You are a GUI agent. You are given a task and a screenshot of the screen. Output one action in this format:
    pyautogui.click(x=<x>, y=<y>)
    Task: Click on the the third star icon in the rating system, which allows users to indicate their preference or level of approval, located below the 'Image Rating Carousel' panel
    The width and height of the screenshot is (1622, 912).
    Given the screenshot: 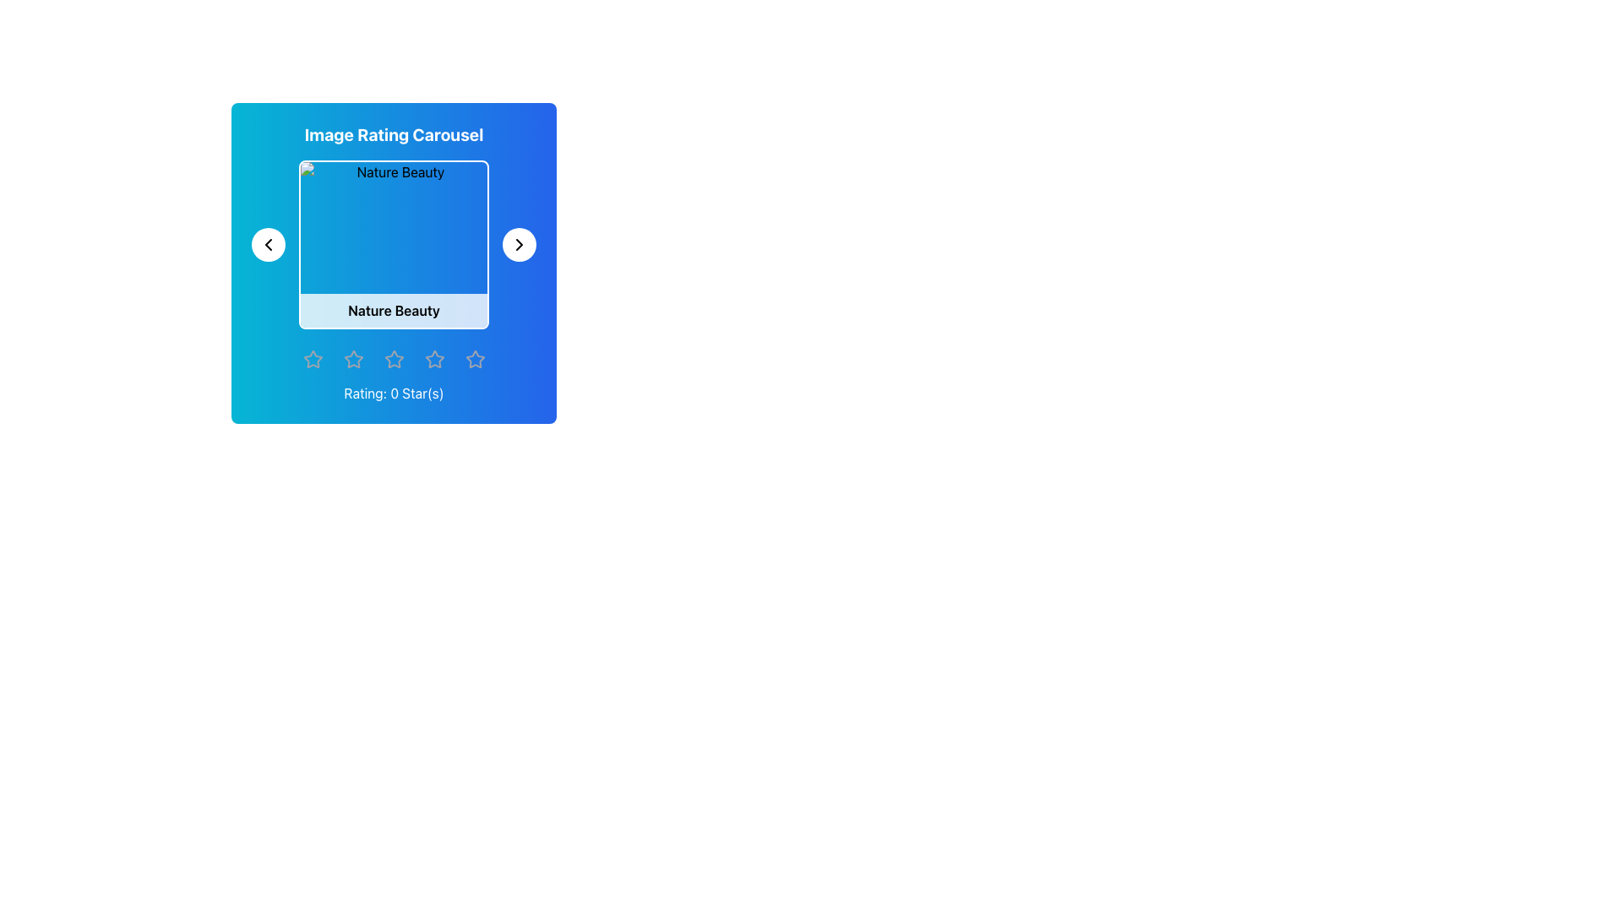 What is the action you would take?
    pyautogui.click(x=393, y=358)
    